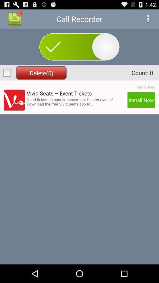 The width and height of the screenshot is (159, 283). Describe the element at coordinates (145, 87) in the screenshot. I see `adchoices` at that location.